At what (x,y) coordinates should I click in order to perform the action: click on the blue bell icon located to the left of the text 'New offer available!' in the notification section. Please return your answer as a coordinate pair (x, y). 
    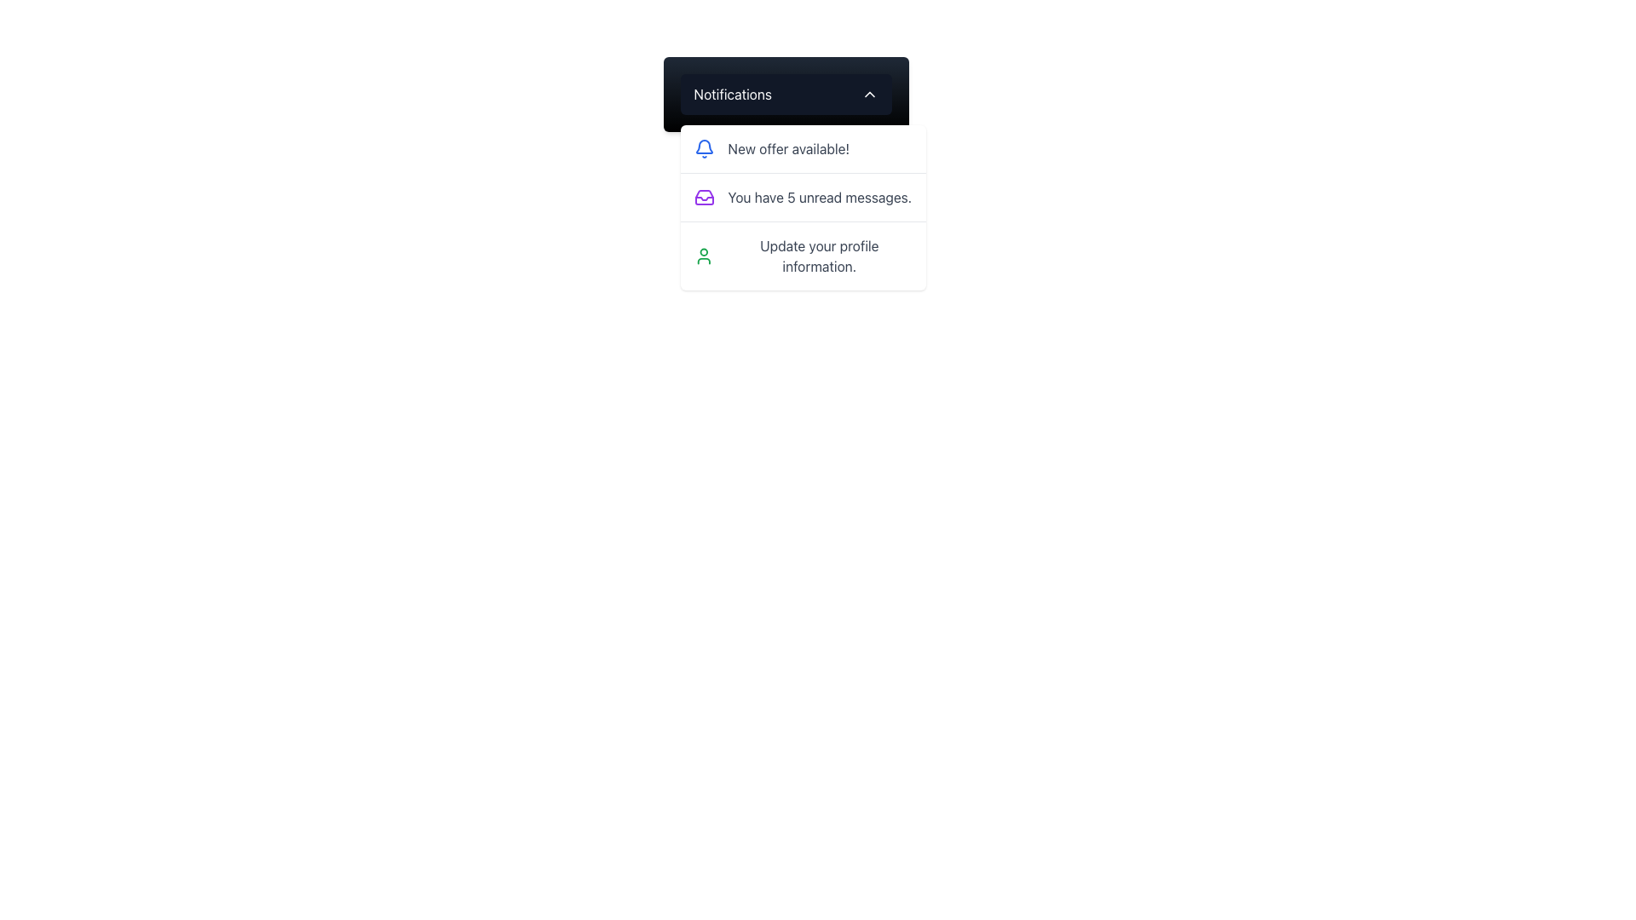
    Looking at the image, I should click on (704, 147).